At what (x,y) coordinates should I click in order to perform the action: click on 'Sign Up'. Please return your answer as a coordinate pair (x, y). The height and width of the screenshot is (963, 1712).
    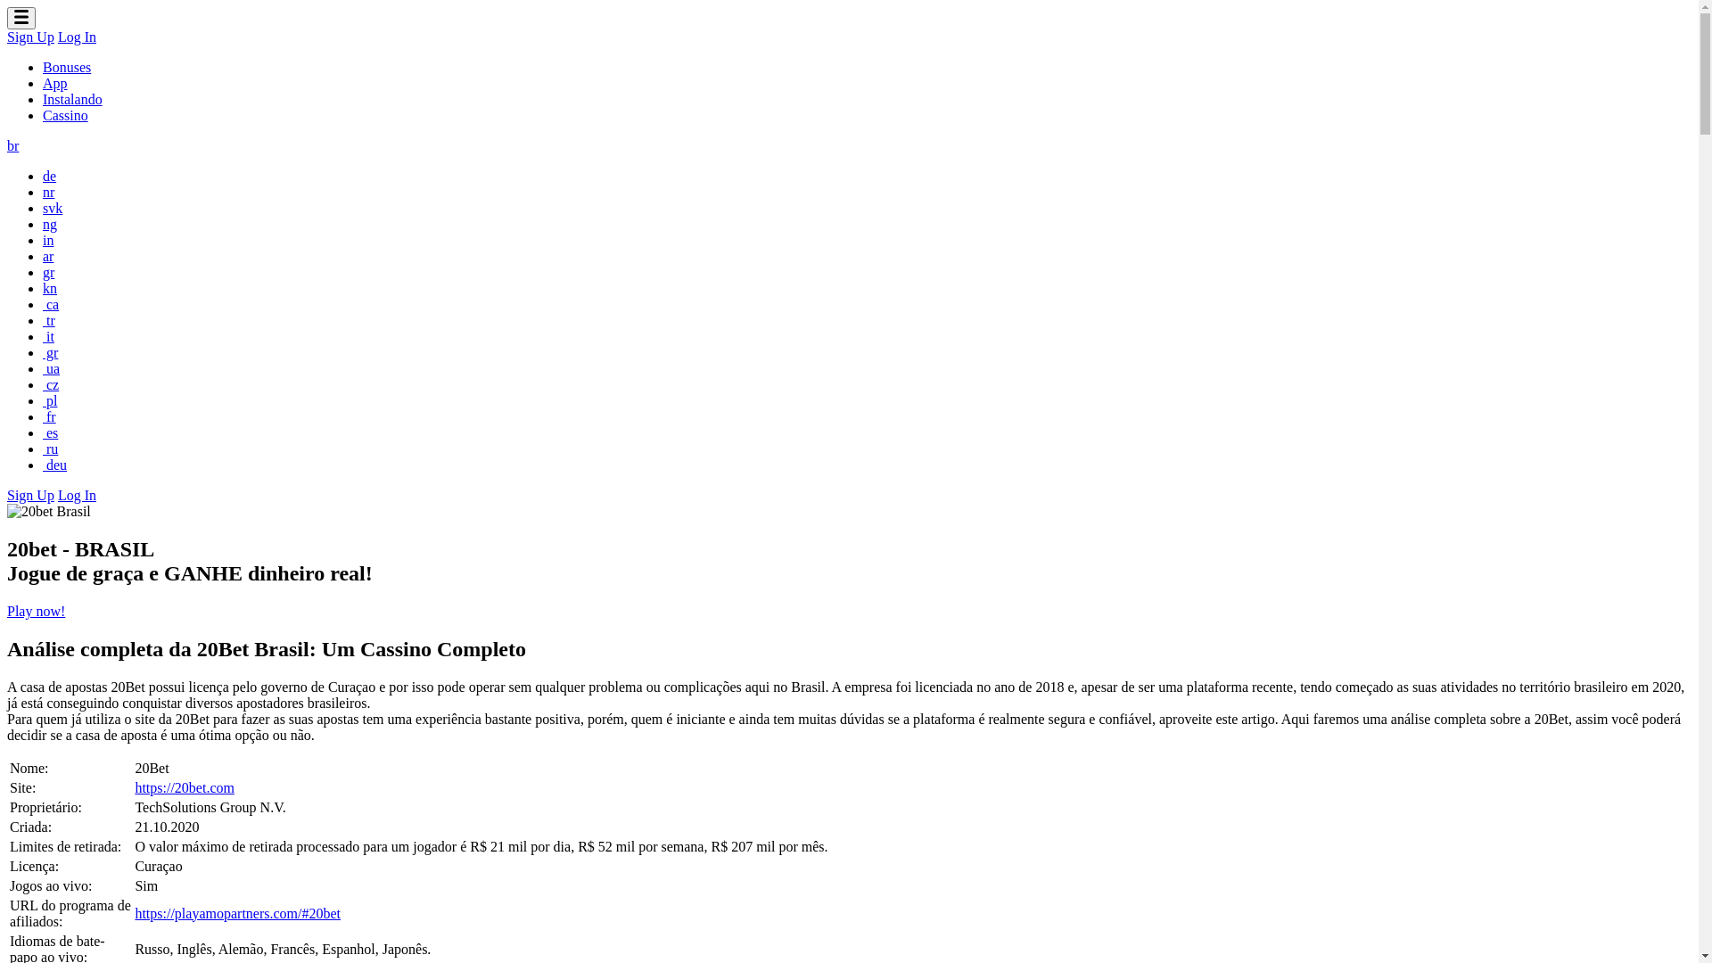
    Looking at the image, I should click on (30, 495).